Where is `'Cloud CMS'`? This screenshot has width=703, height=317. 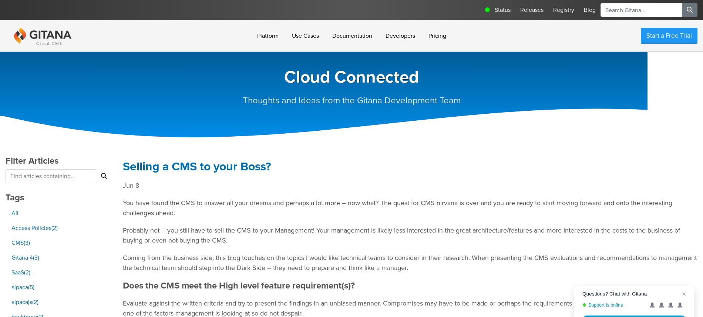 'Cloud CMS' is located at coordinates (36, 43).